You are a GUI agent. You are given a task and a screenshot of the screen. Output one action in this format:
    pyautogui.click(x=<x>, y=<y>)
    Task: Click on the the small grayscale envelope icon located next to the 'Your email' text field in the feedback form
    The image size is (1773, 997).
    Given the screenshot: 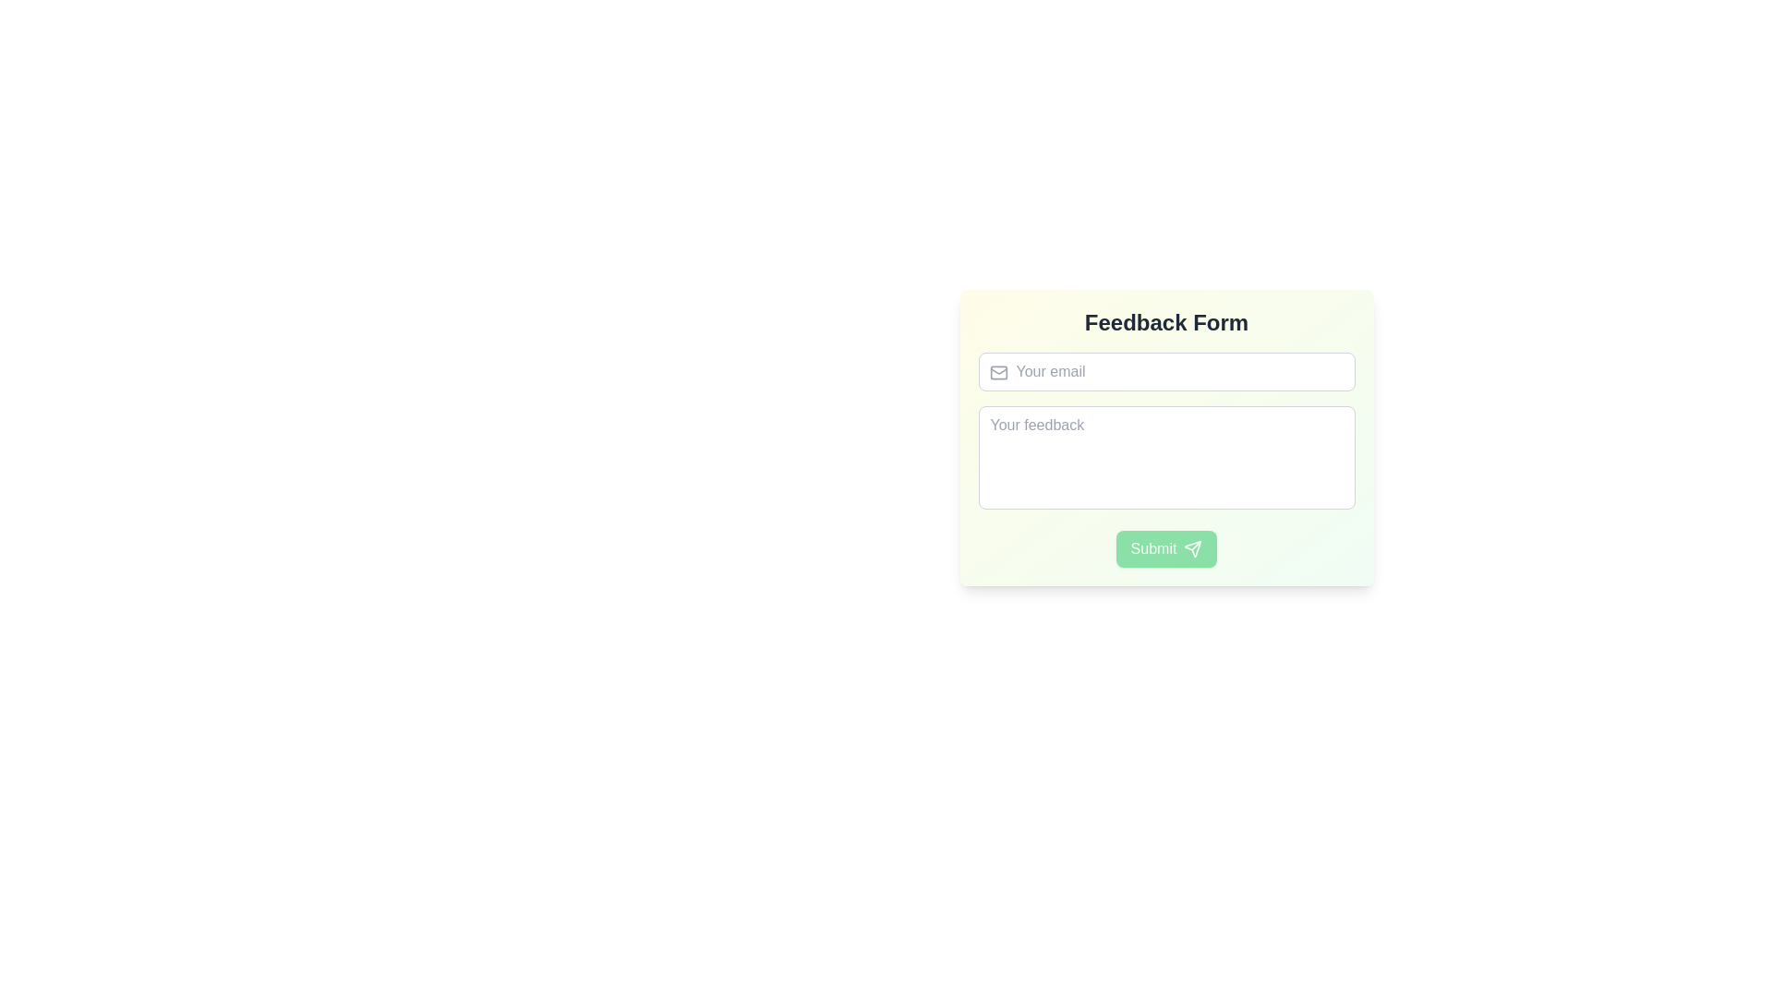 What is the action you would take?
    pyautogui.click(x=997, y=373)
    